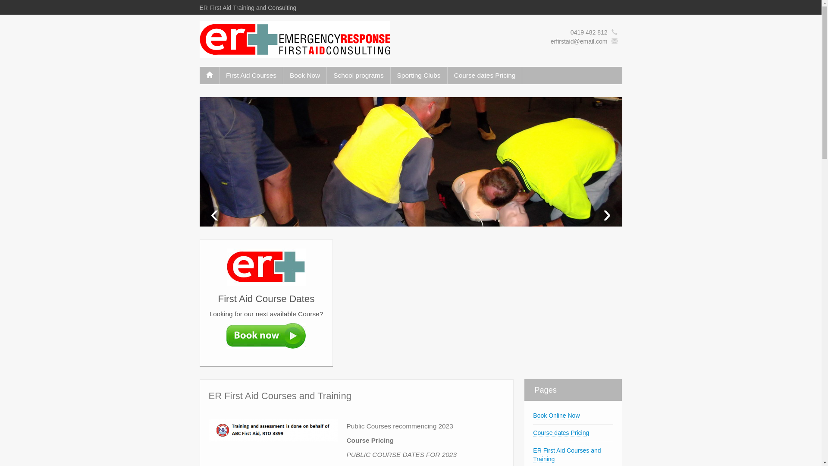 This screenshot has width=828, height=466. Describe the element at coordinates (556, 415) in the screenshot. I see `'Book Online Now'` at that location.